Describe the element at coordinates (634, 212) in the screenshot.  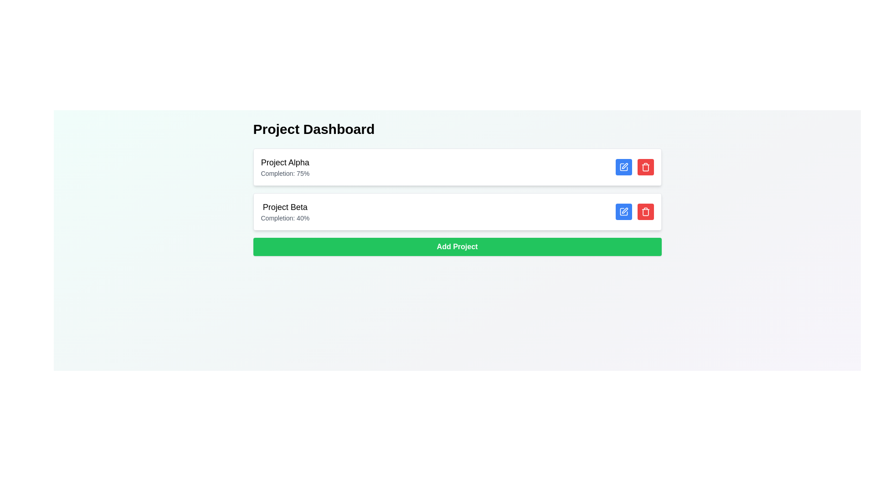
I see `the blue edit button located in the bottom-right corner of the box labeled 'Project Beta Completion: 40%', which has a white pen icon and rounded corners` at that location.